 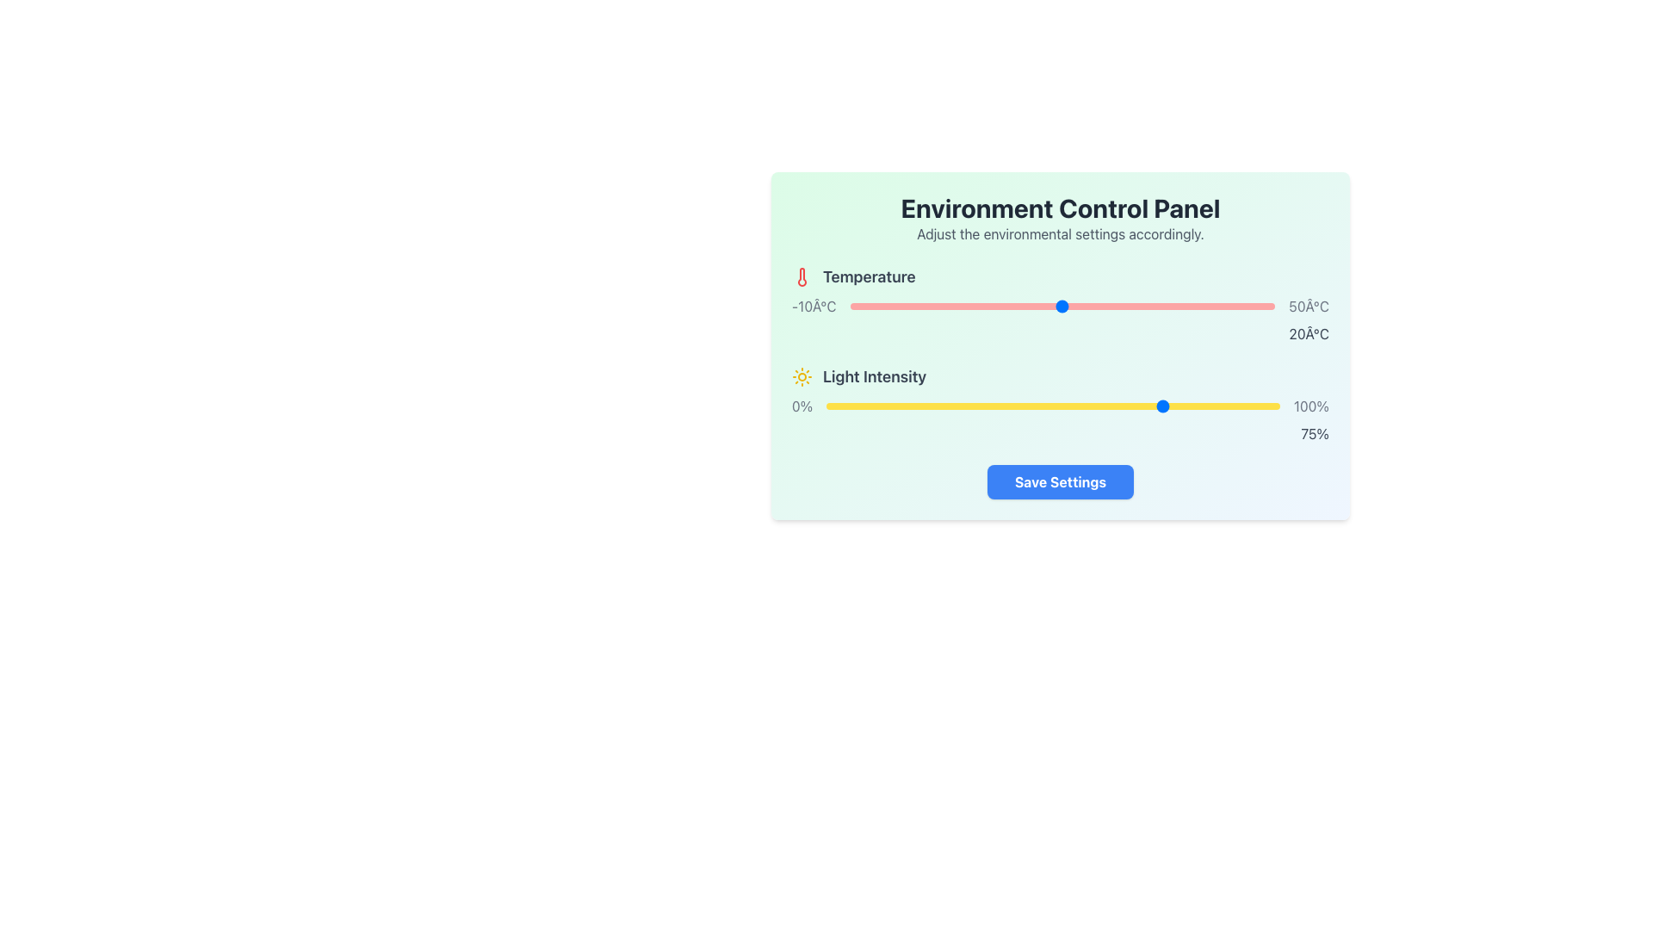 What do you see at coordinates (1060, 218) in the screenshot?
I see `the informational text block that contains the title 'Environment Control Panel' in bold, large black text and the subtitle 'Adjust the environmental settings accordingly.' in smaller gray font` at bounding box center [1060, 218].